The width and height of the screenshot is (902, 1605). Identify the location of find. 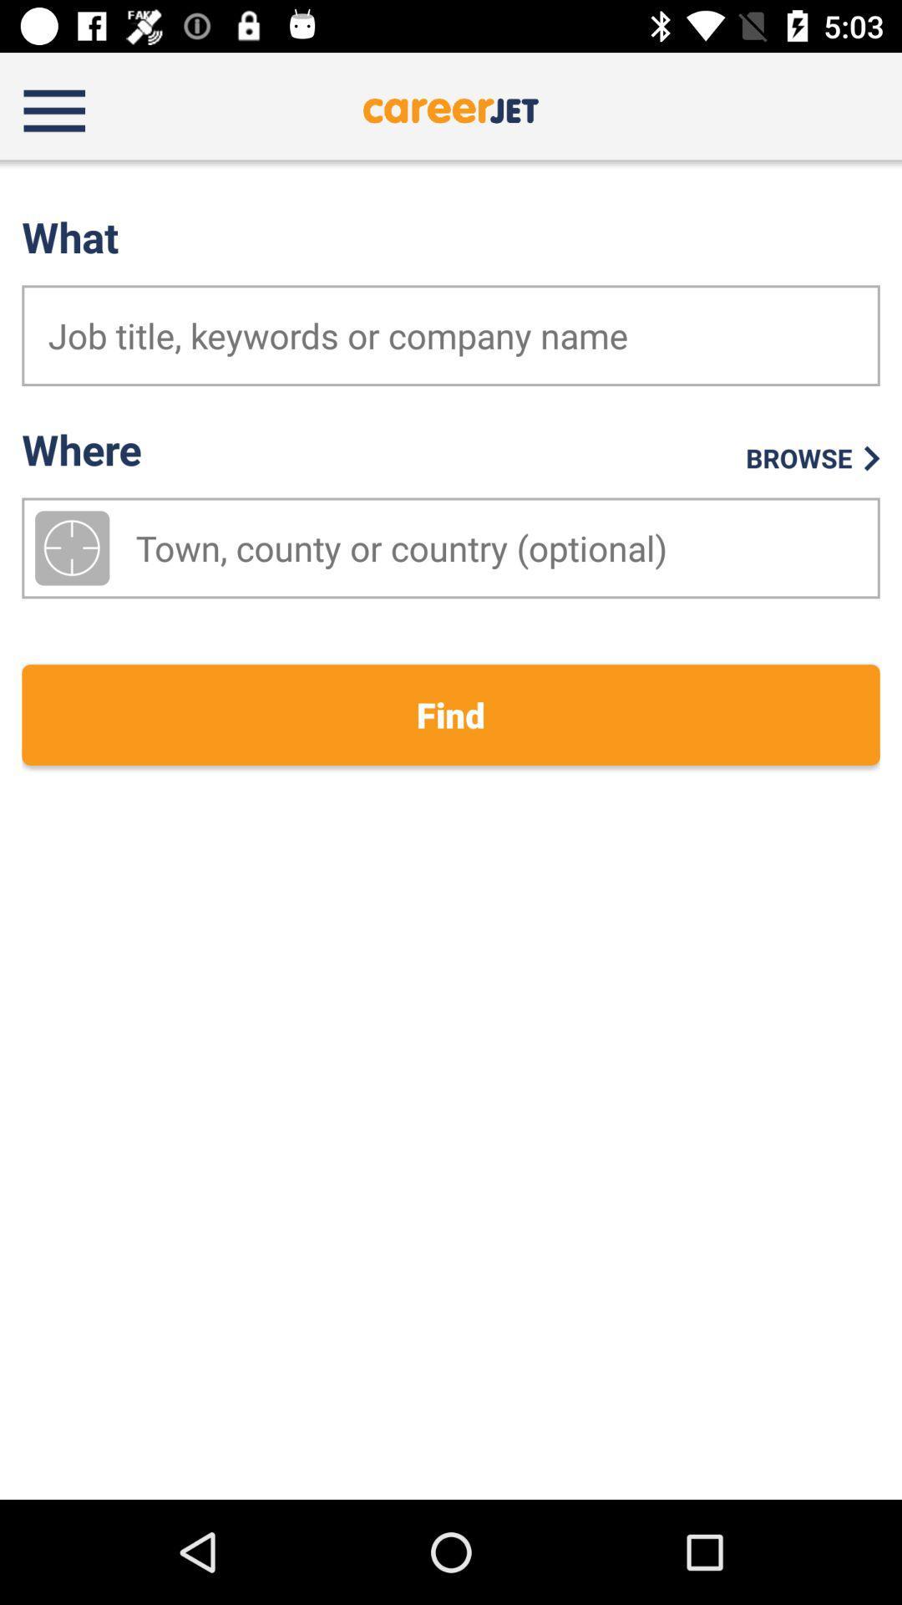
(451, 715).